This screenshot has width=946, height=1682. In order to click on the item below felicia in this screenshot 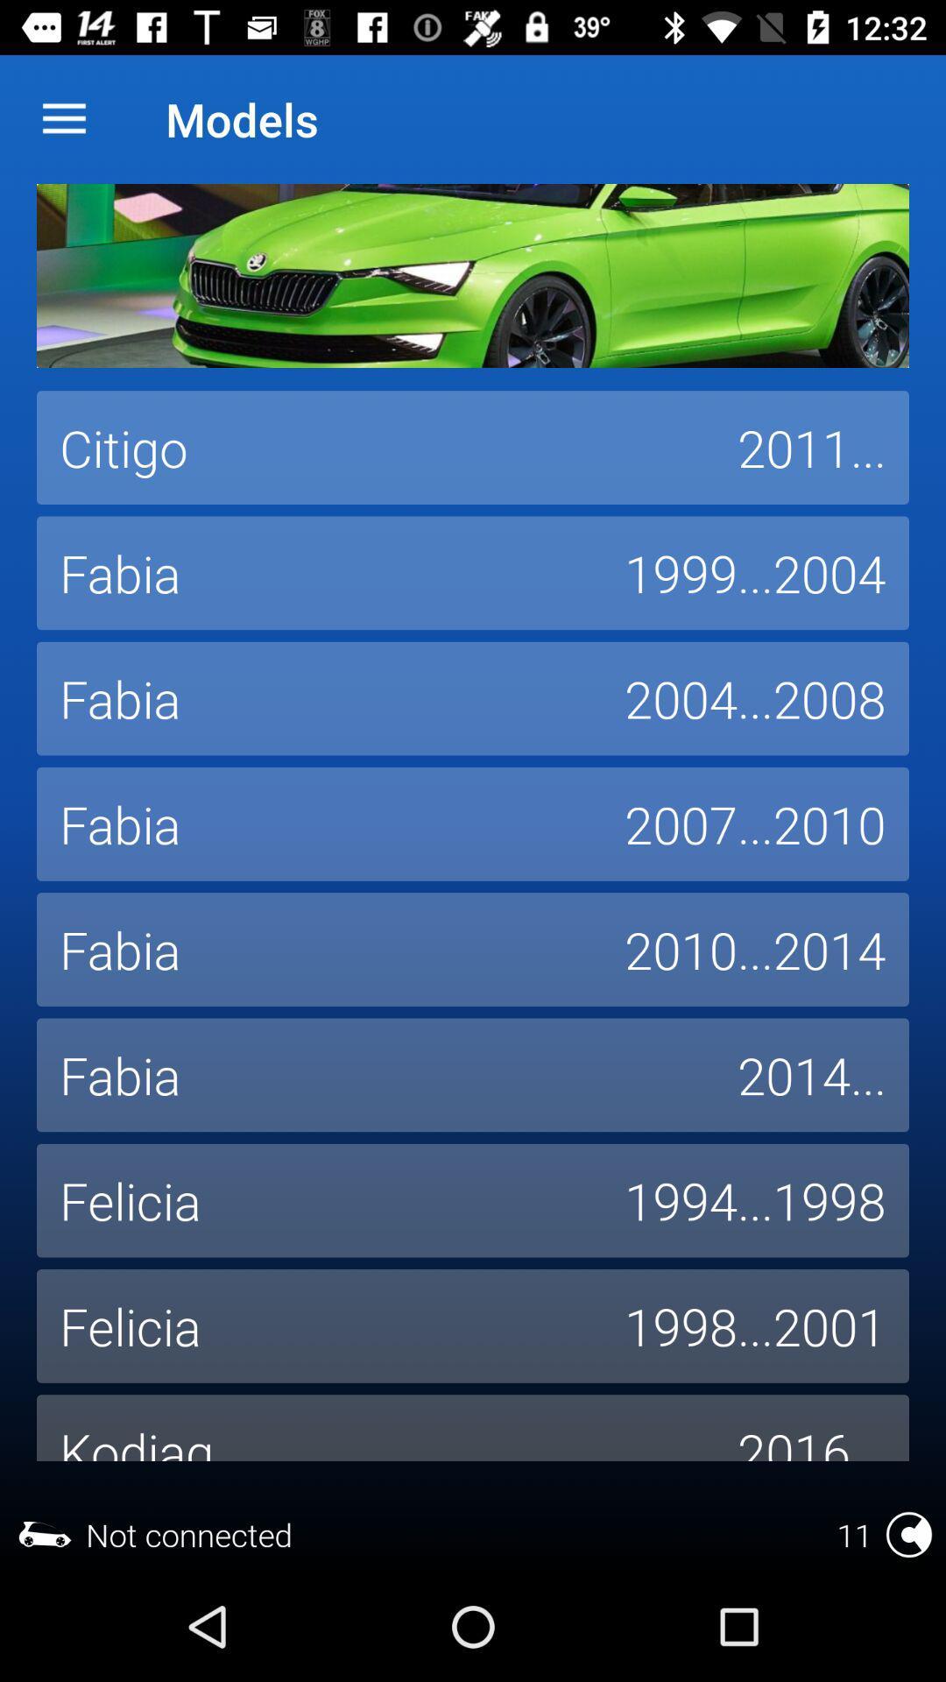, I will do `click(374, 1428)`.